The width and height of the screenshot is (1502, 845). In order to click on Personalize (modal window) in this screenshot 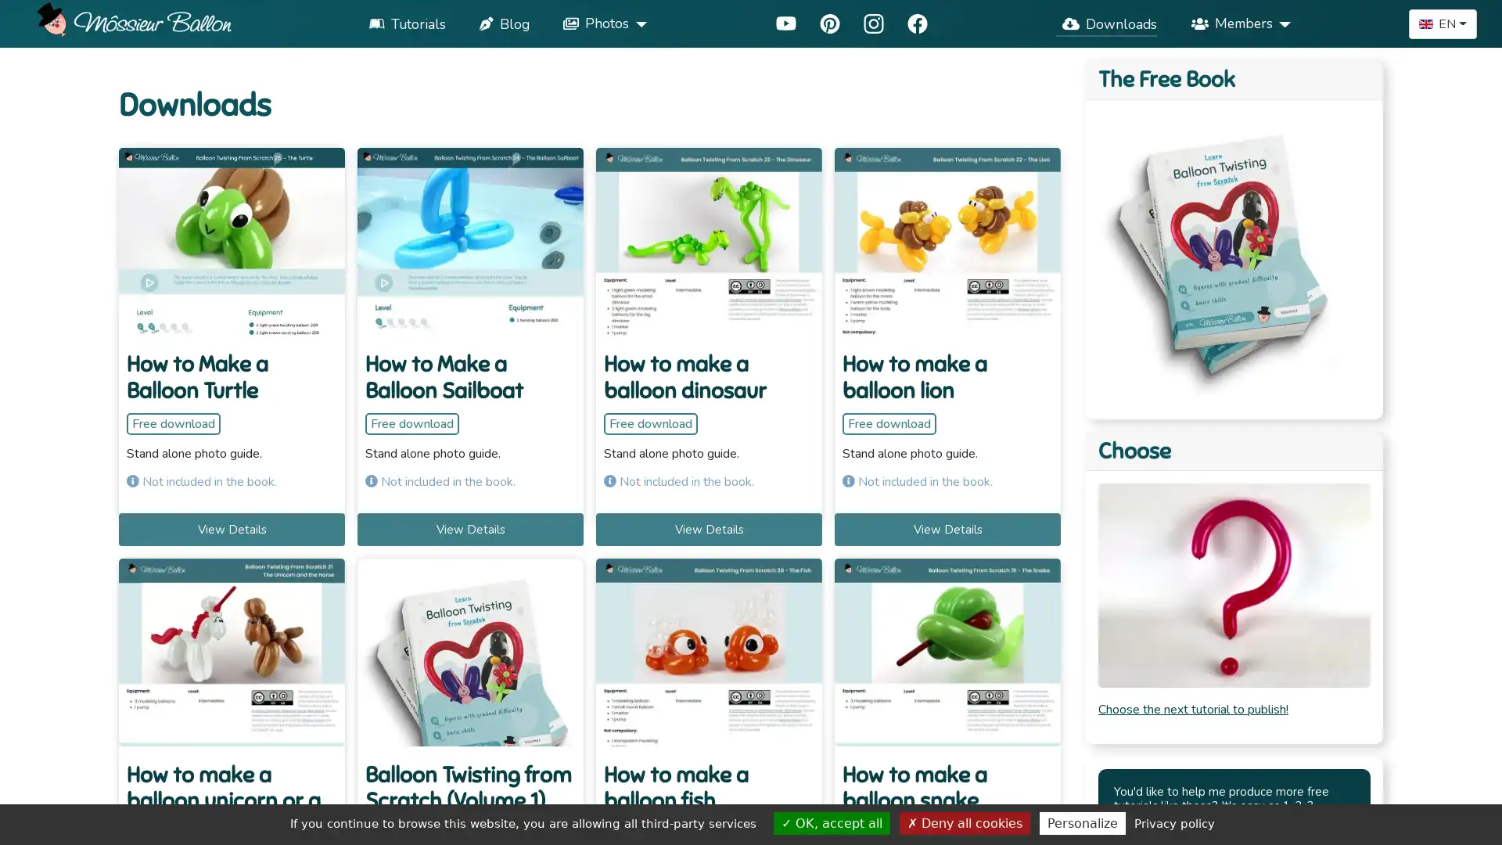, I will do `click(1081, 822)`.